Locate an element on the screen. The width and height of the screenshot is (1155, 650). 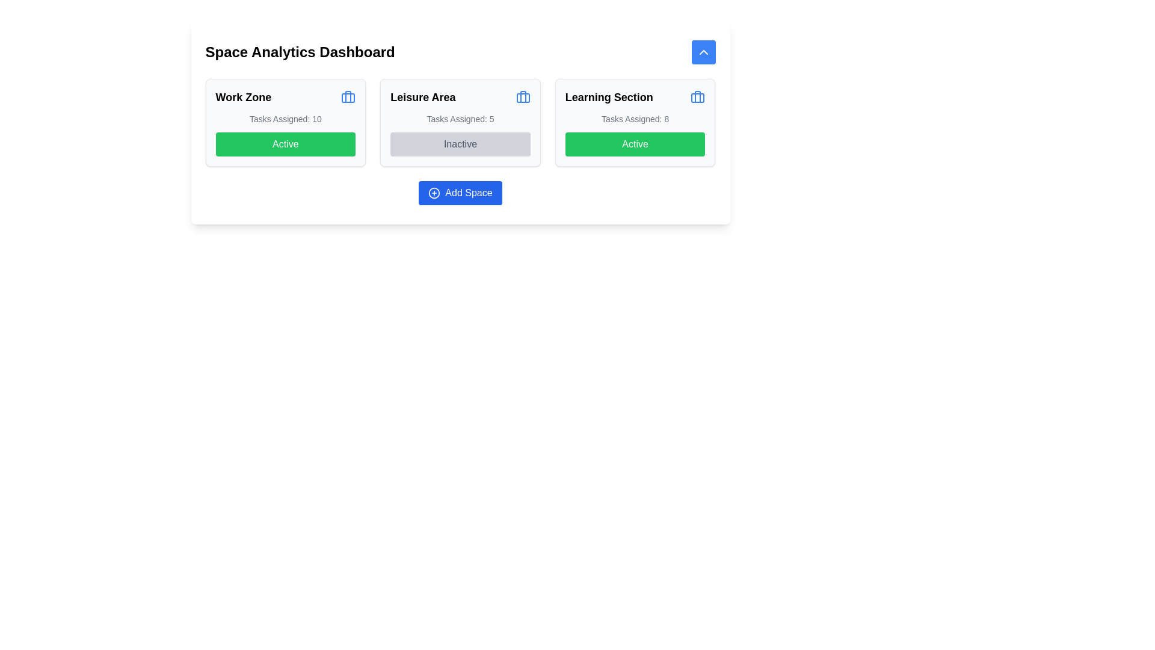
the circular blue SVG graphic icon with a plus sign in the center, located inside the 'Add Space' button below the three section cards ('Work Zone', 'Leisure Area', and 'Learning Section') is located at coordinates (434, 192).